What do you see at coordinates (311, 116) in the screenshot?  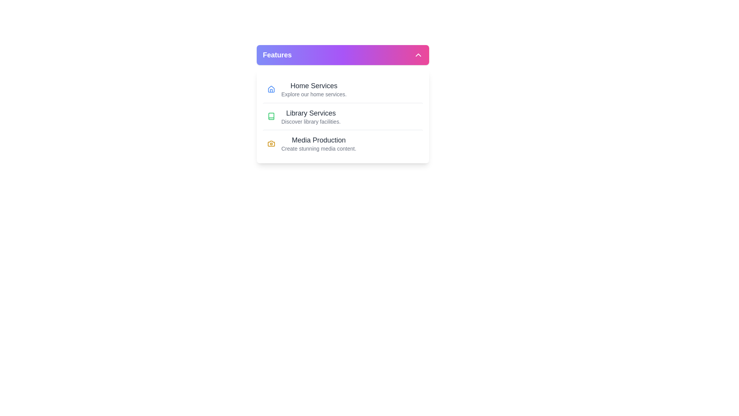 I see `the second list item labeled 'Library Services' in the menu` at bounding box center [311, 116].